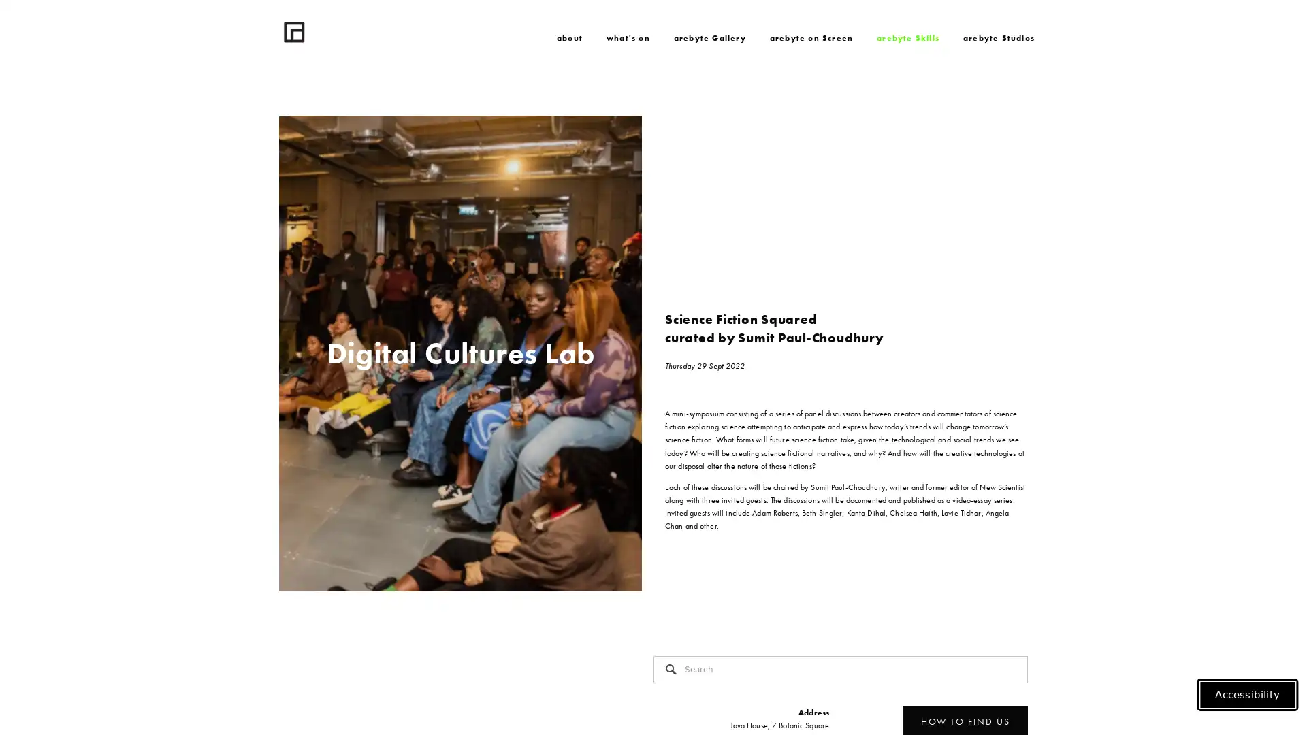 Image resolution: width=1307 pixels, height=735 pixels. Describe the element at coordinates (1248, 696) in the screenshot. I see `Accessibility Menu` at that location.